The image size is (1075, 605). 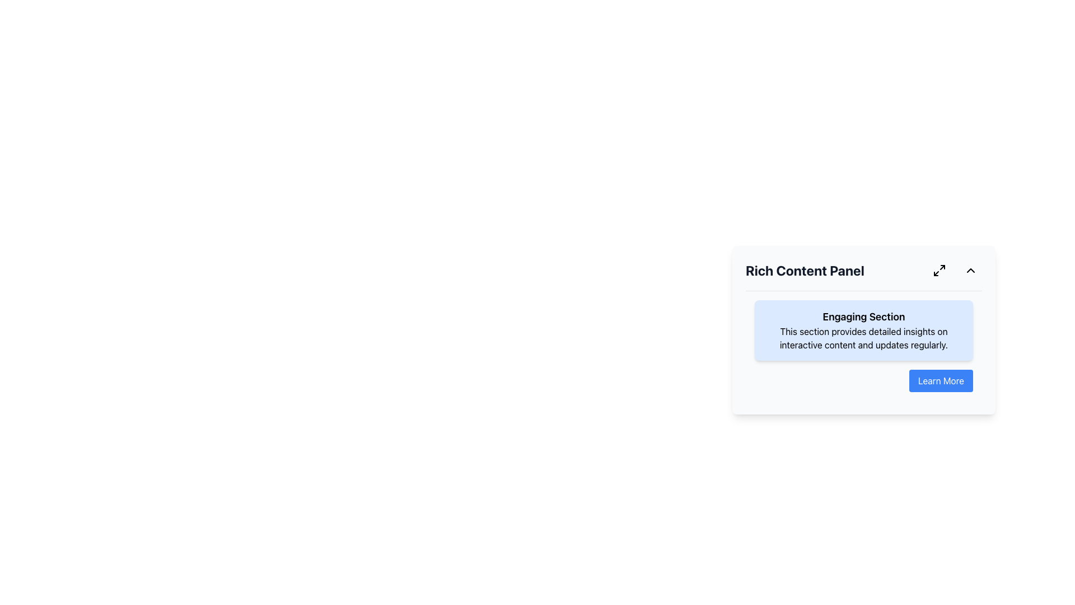 What do you see at coordinates (970, 270) in the screenshot?
I see `the chevron icon located in the top-right corner of the 'Rich Content Panel' card` at bounding box center [970, 270].